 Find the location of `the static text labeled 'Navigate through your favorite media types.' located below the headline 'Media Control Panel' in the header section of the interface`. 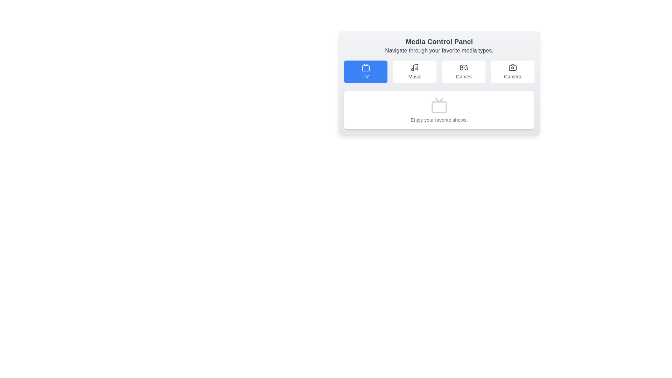

the static text labeled 'Navigate through your favorite media types.' located below the headline 'Media Control Panel' in the header section of the interface is located at coordinates (439, 50).